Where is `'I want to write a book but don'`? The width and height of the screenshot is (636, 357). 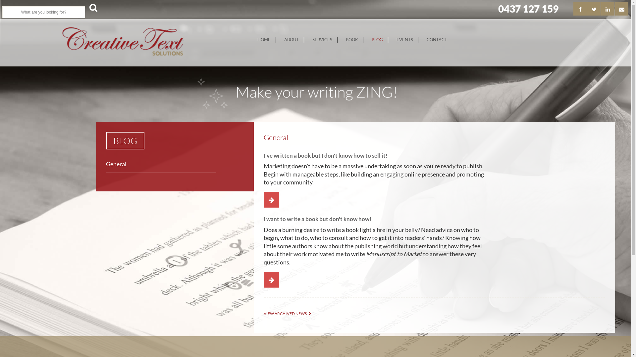
'I want to write a book but don' is located at coordinates (269, 280).